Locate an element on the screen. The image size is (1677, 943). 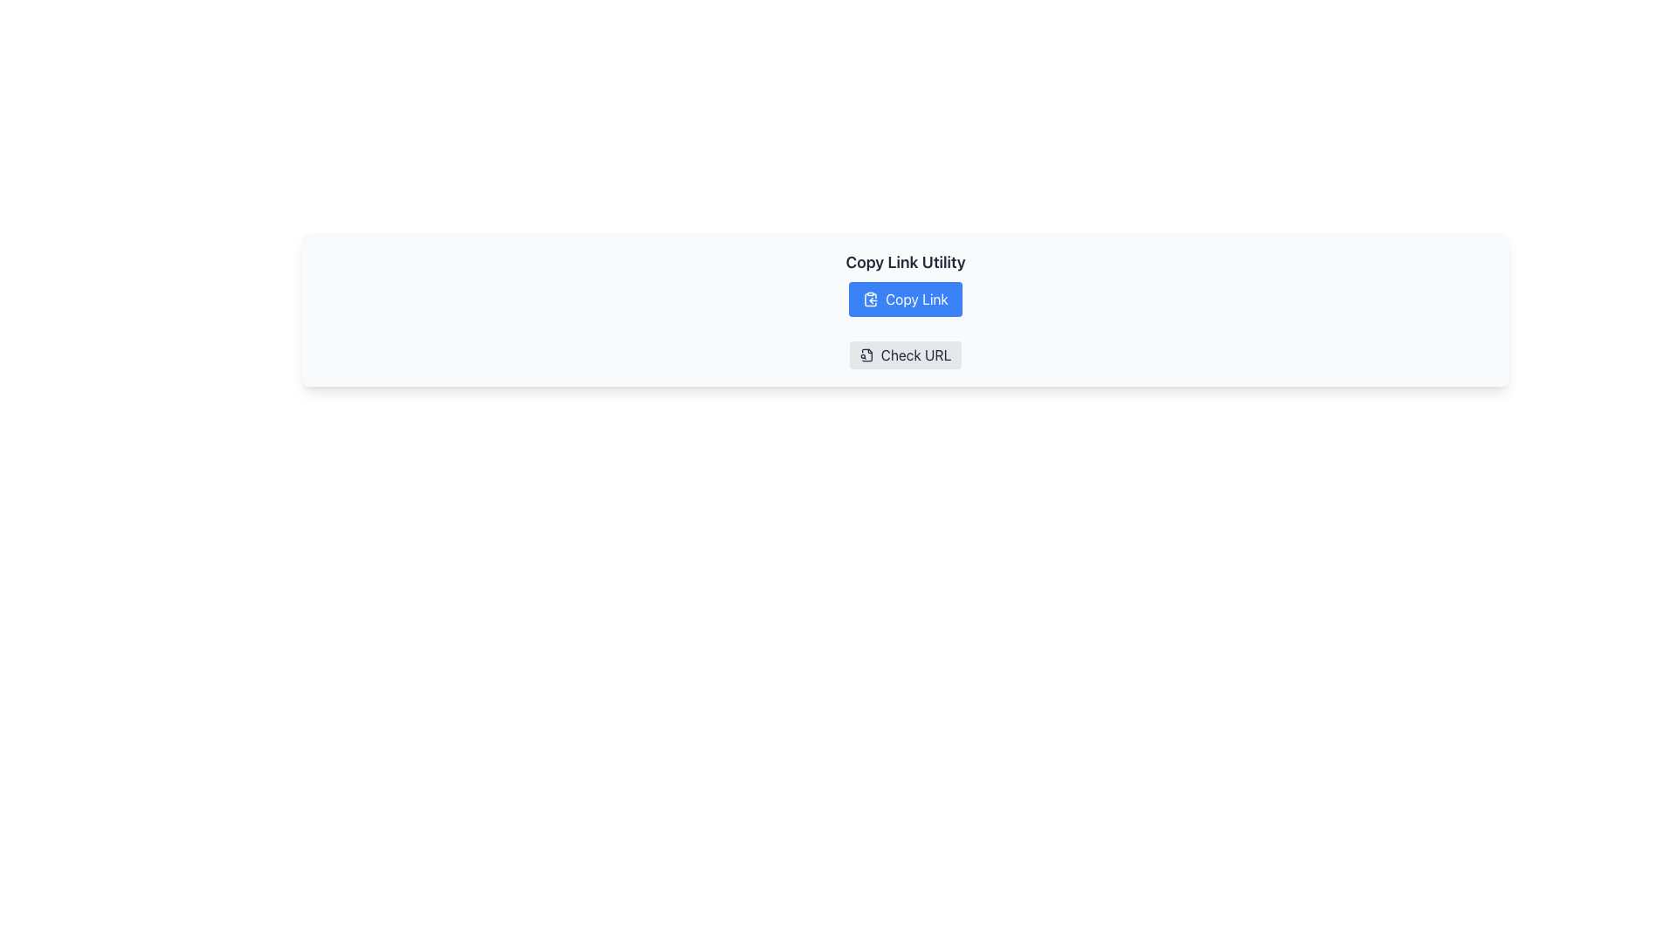
the URL check button located directly below the 'Copy Link' button is located at coordinates (905, 354).